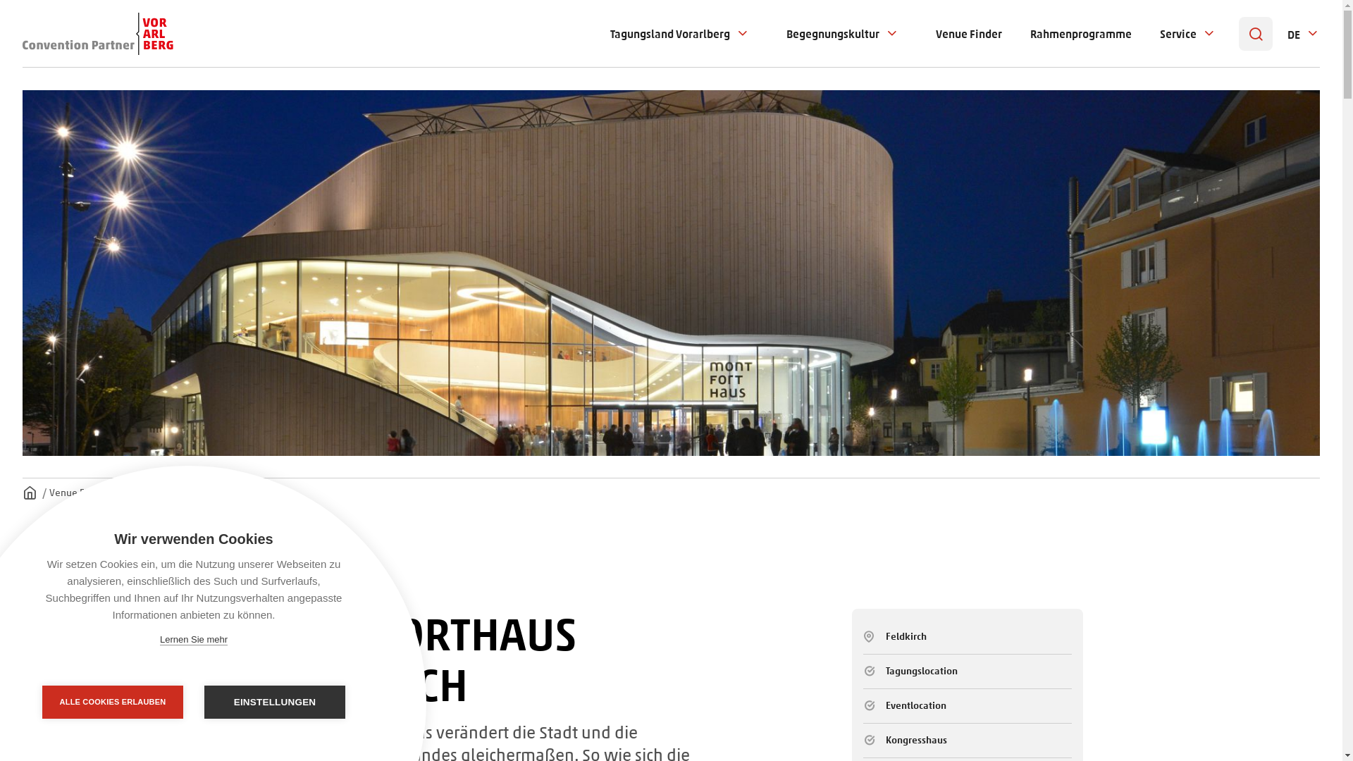 This screenshot has height=761, width=1353. What do you see at coordinates (669, 32) in the screenshot?
I see `'Tagungsland Vorarlberg'` at bounding box center [669, 32].